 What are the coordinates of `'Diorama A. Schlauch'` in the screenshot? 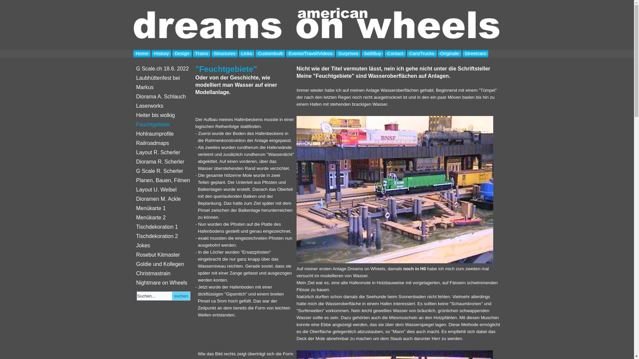 It's located at (132, 96).